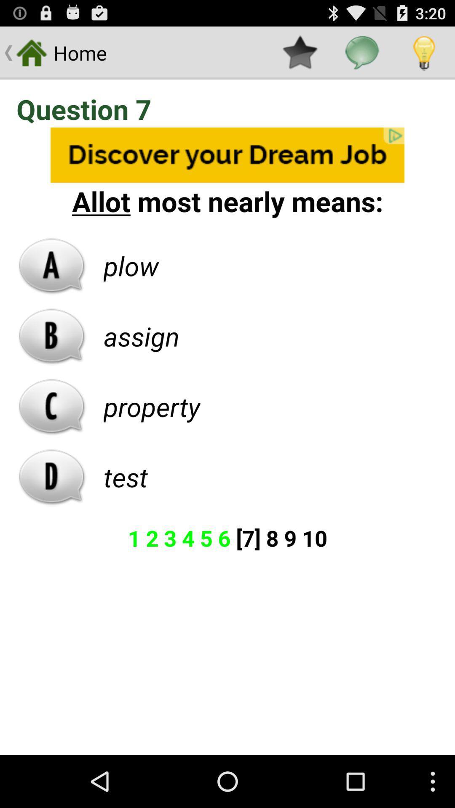 This screenshot has height=808, width=455. I want to click on the pause icon, so click(52, 510).